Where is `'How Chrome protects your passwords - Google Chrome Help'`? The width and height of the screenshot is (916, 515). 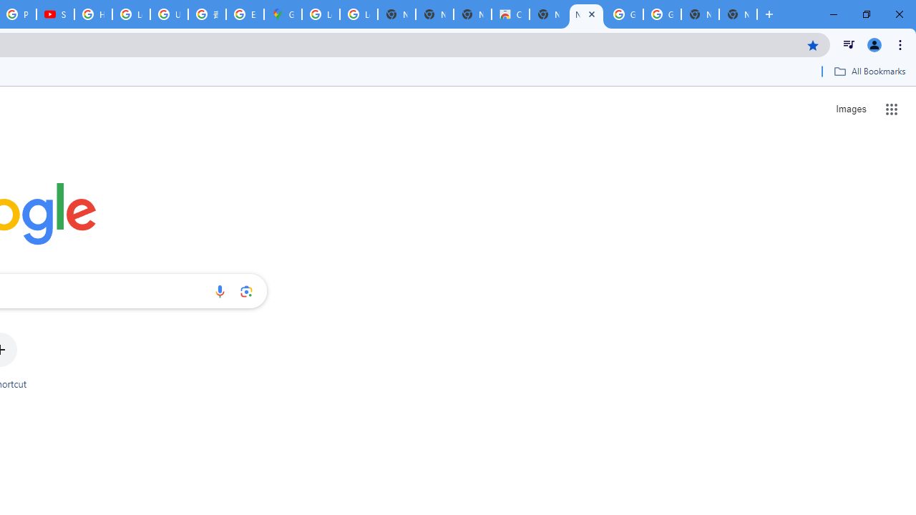
'How Chrome protects your passwords - Google Chrome Help' is located at coordinates (92, 14).